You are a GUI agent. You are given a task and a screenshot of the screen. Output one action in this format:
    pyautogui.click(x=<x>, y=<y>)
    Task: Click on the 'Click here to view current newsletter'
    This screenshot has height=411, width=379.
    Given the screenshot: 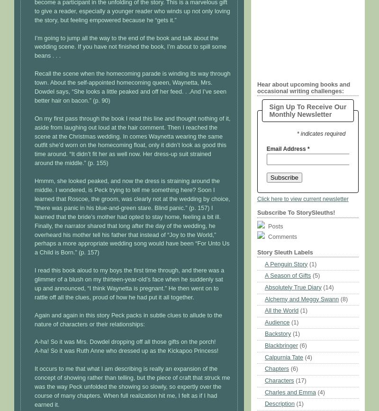 What is the action you would take?
    pyautogui.click(x=302, y=198)
    